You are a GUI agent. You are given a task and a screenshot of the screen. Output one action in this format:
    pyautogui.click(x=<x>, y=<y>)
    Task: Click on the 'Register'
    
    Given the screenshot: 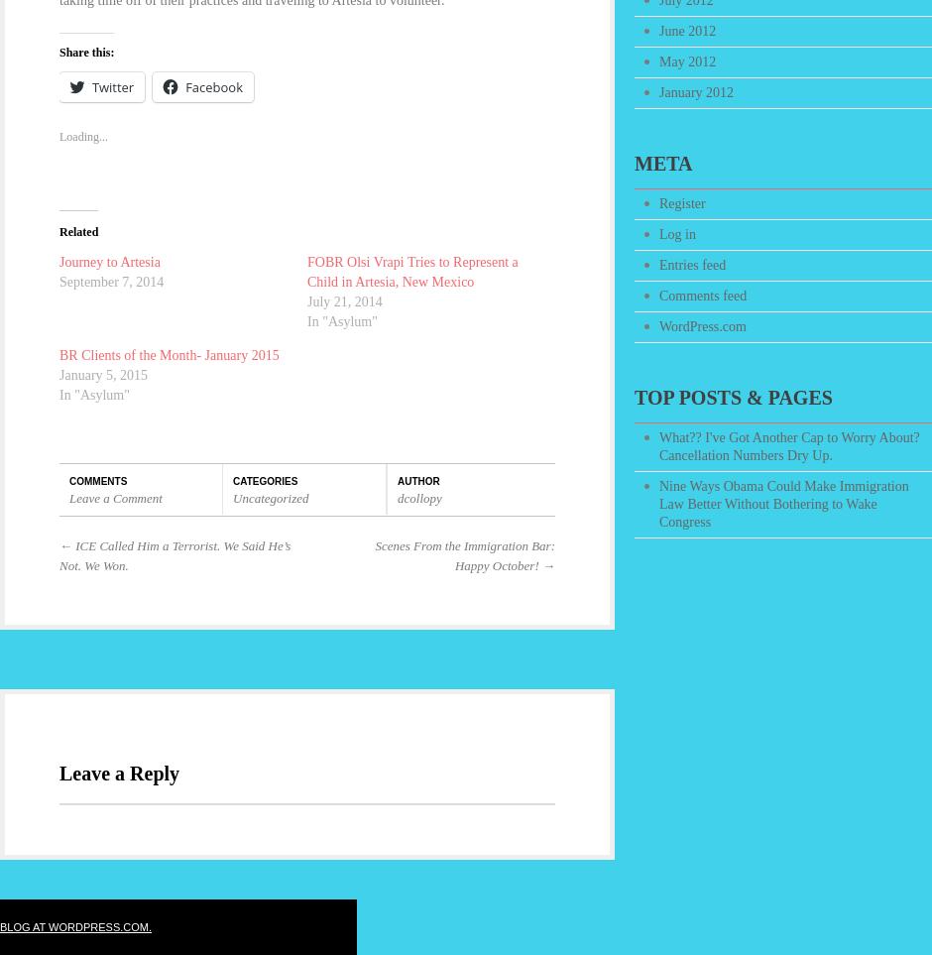 What is the action you would take?
    pyautogui.click(x=680, y=202)
    